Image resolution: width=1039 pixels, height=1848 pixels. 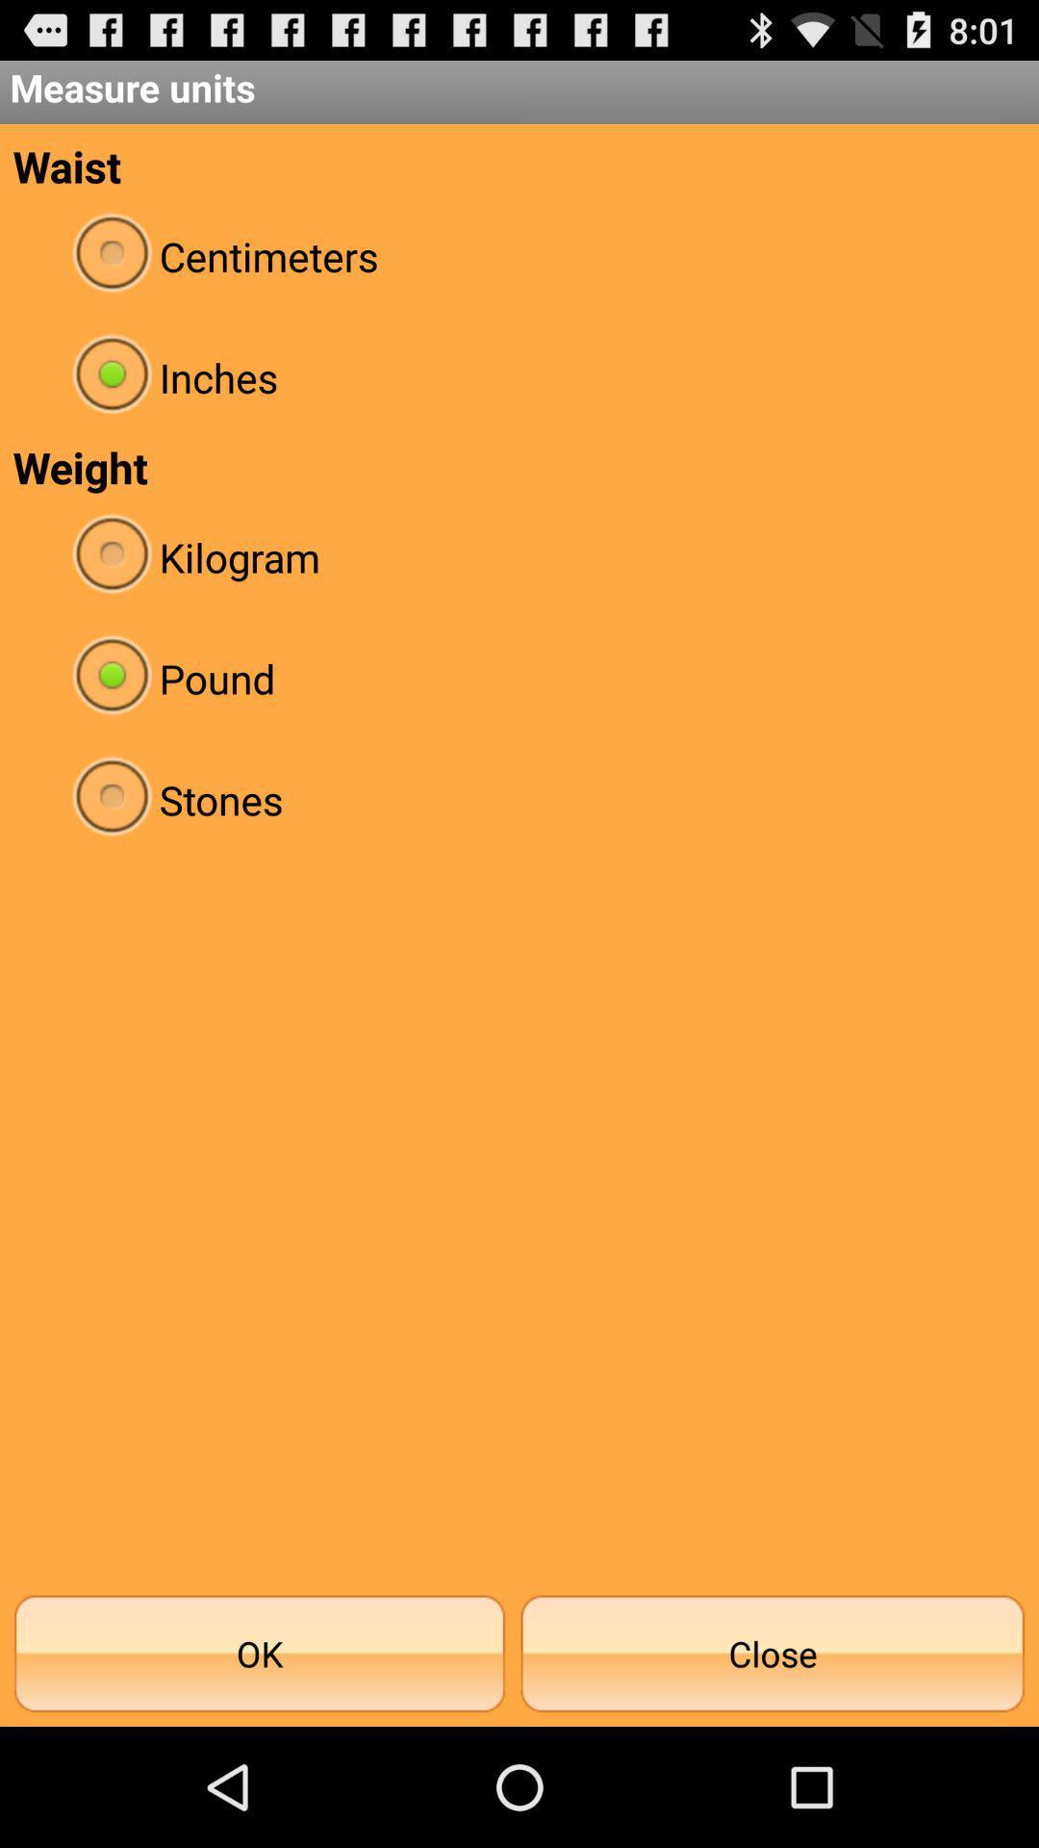 What do you see at coordinates (519, 556) in the screenshot?
I see `radio button above pound icon` at bounding box center [519, 556].